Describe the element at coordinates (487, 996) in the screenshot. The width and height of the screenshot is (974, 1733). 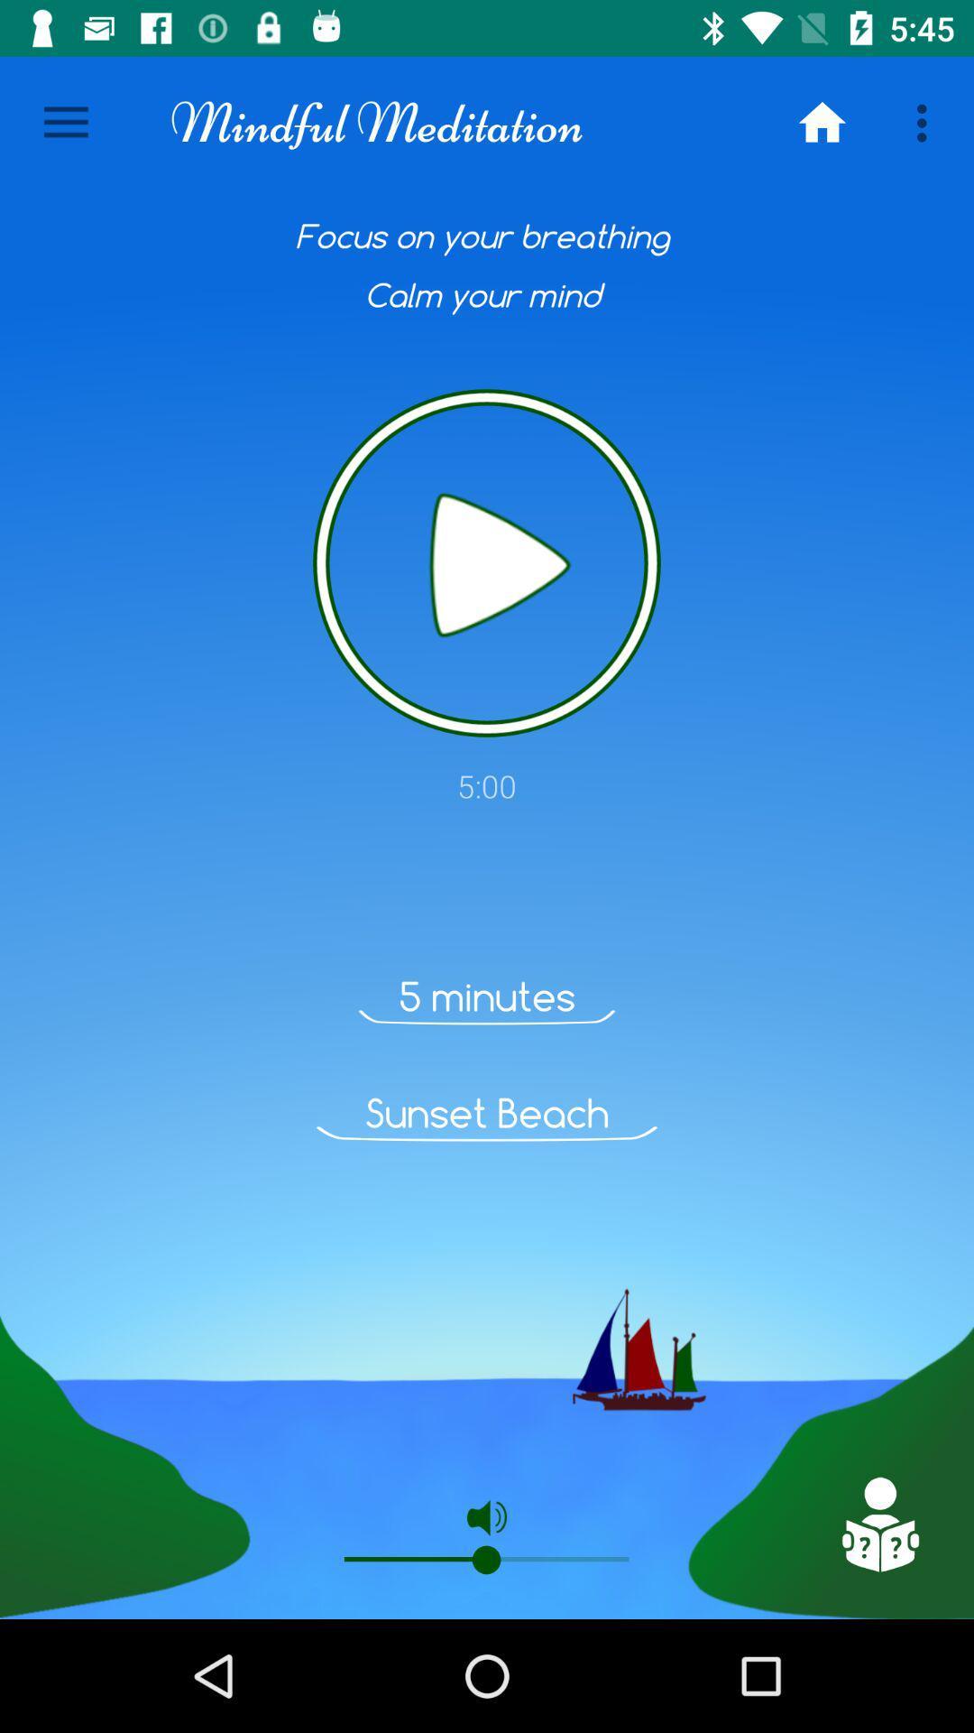
I see `5 minutes   icon` at that location.